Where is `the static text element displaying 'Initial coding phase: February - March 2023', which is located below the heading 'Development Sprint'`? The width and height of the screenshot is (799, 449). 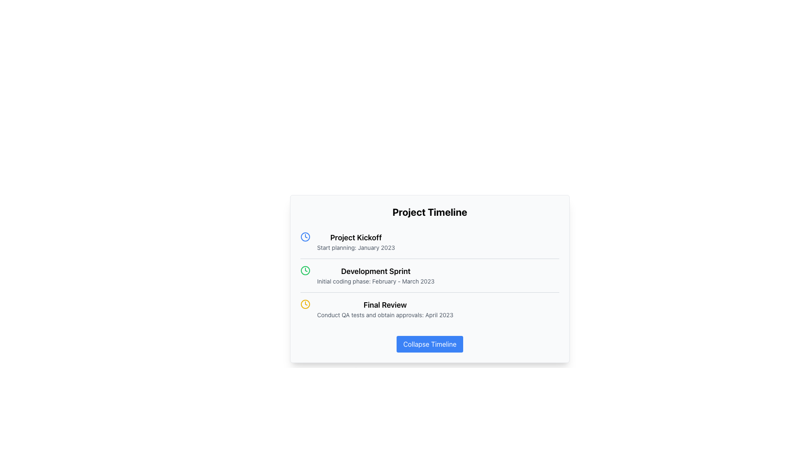 the static text element displaying 'Initial coding phase: February - March 2023', which is located below the heading 'Development Sprint' is located at coordinates (375, 281).